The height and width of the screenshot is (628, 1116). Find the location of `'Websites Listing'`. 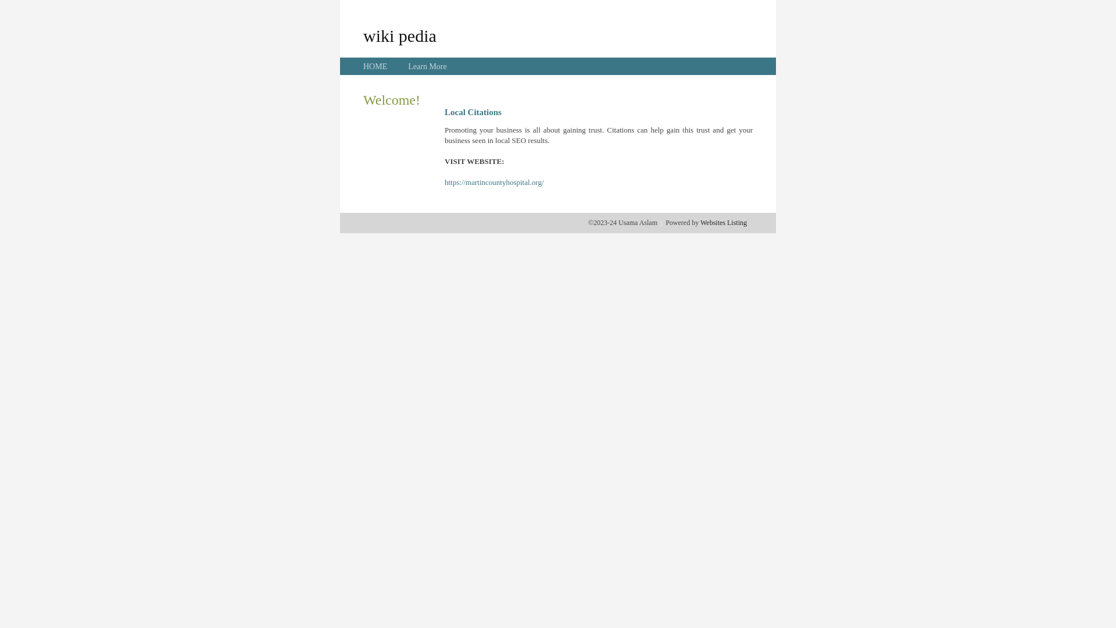

'Websites Listing' is located at coordinates (699, 222).